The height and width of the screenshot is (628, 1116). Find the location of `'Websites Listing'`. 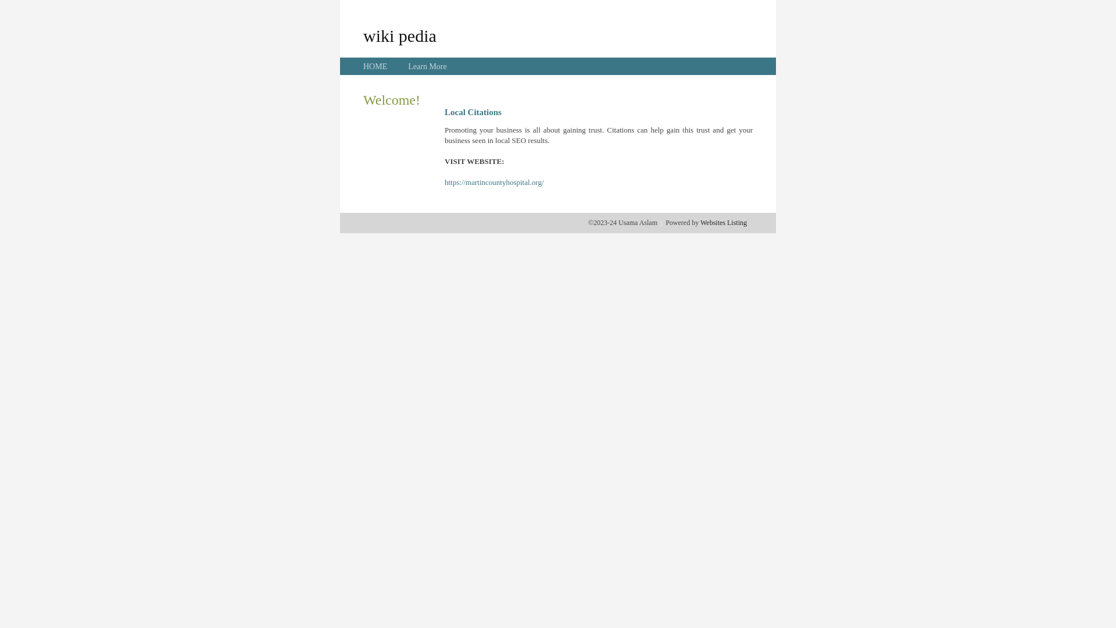

'Websites Listing' is located at coordinates (699, 222).